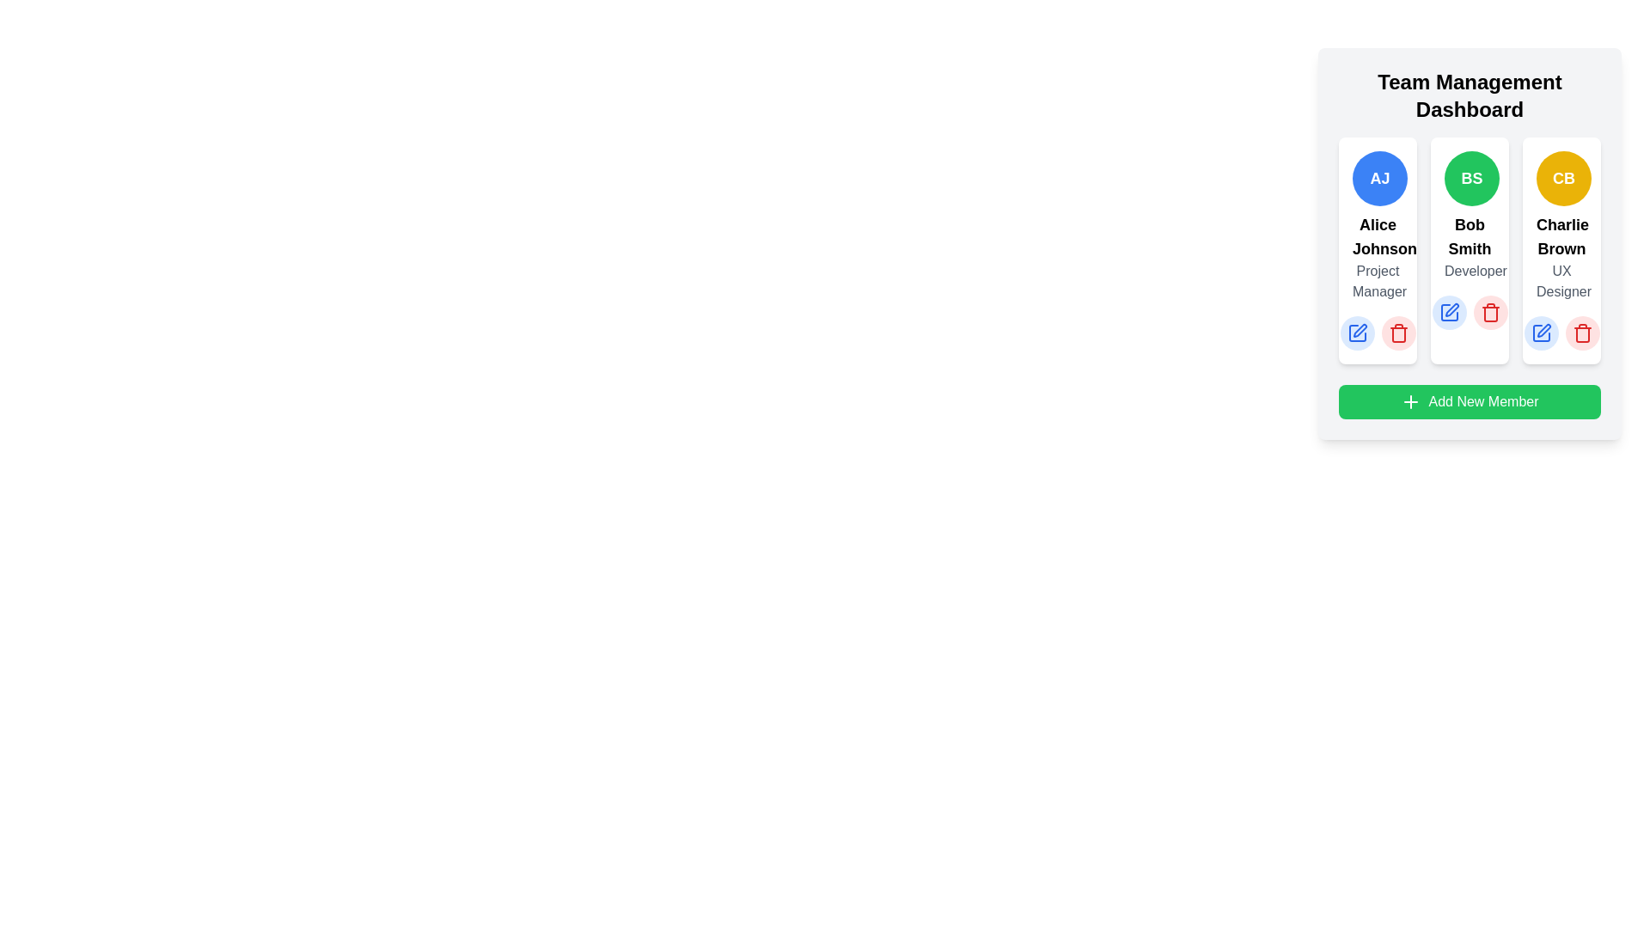 The height and width of the screenshot is (928, 1650). Describe the element at coordinates (1380, 179) in the screenshot. I see `the displayed initials 'AJ' in the circular profile avatar with a blue background, positioned at the top of the user information card` at that location.